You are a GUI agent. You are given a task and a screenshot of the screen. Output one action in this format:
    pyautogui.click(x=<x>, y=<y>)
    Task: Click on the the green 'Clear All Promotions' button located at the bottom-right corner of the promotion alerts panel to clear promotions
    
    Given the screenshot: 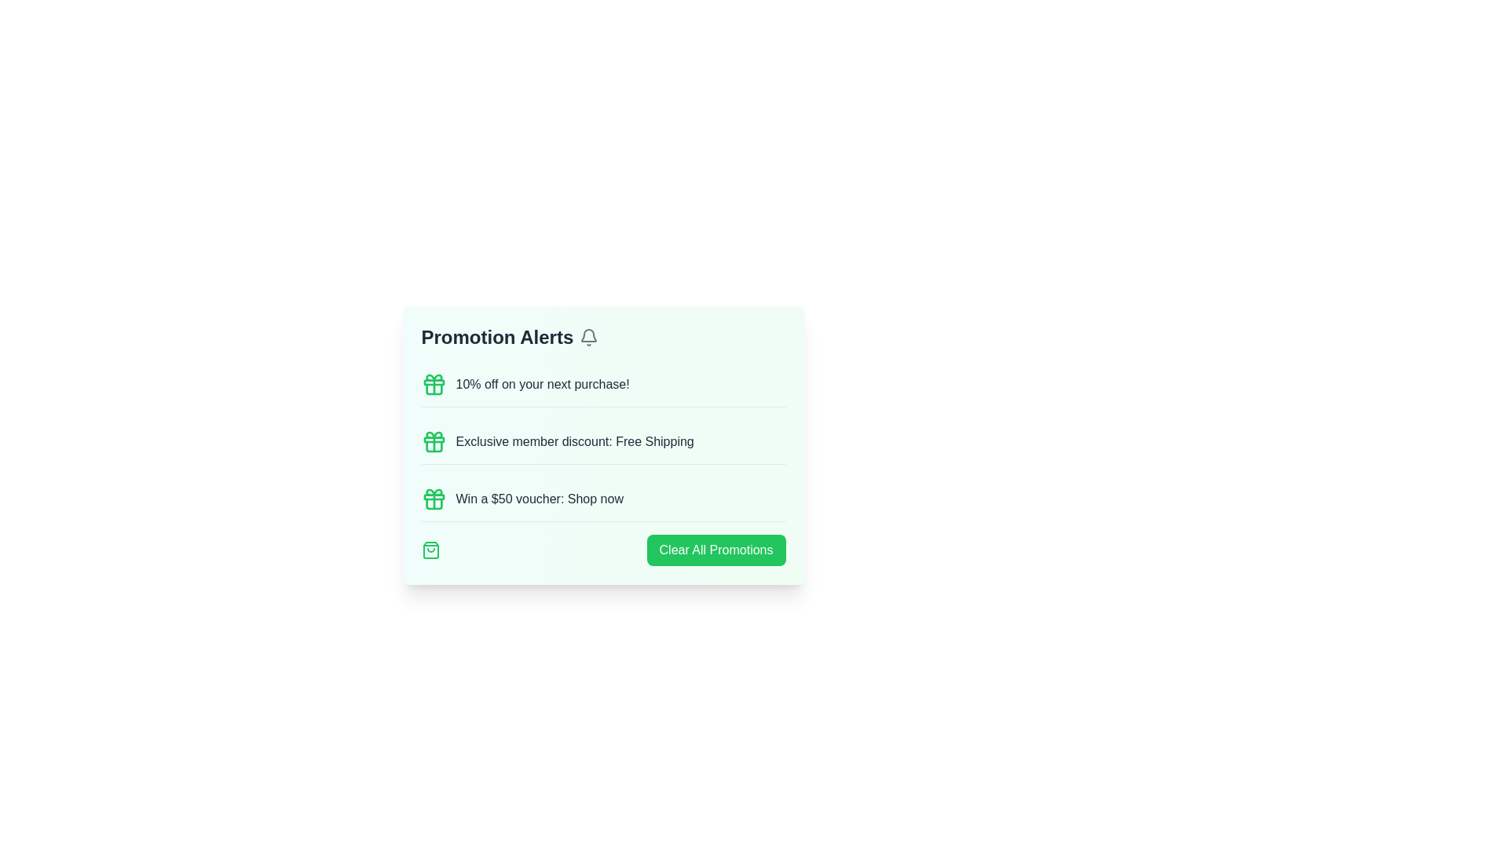 What is the action you would take?
    pyautogui.click(x=716, y=550)
    